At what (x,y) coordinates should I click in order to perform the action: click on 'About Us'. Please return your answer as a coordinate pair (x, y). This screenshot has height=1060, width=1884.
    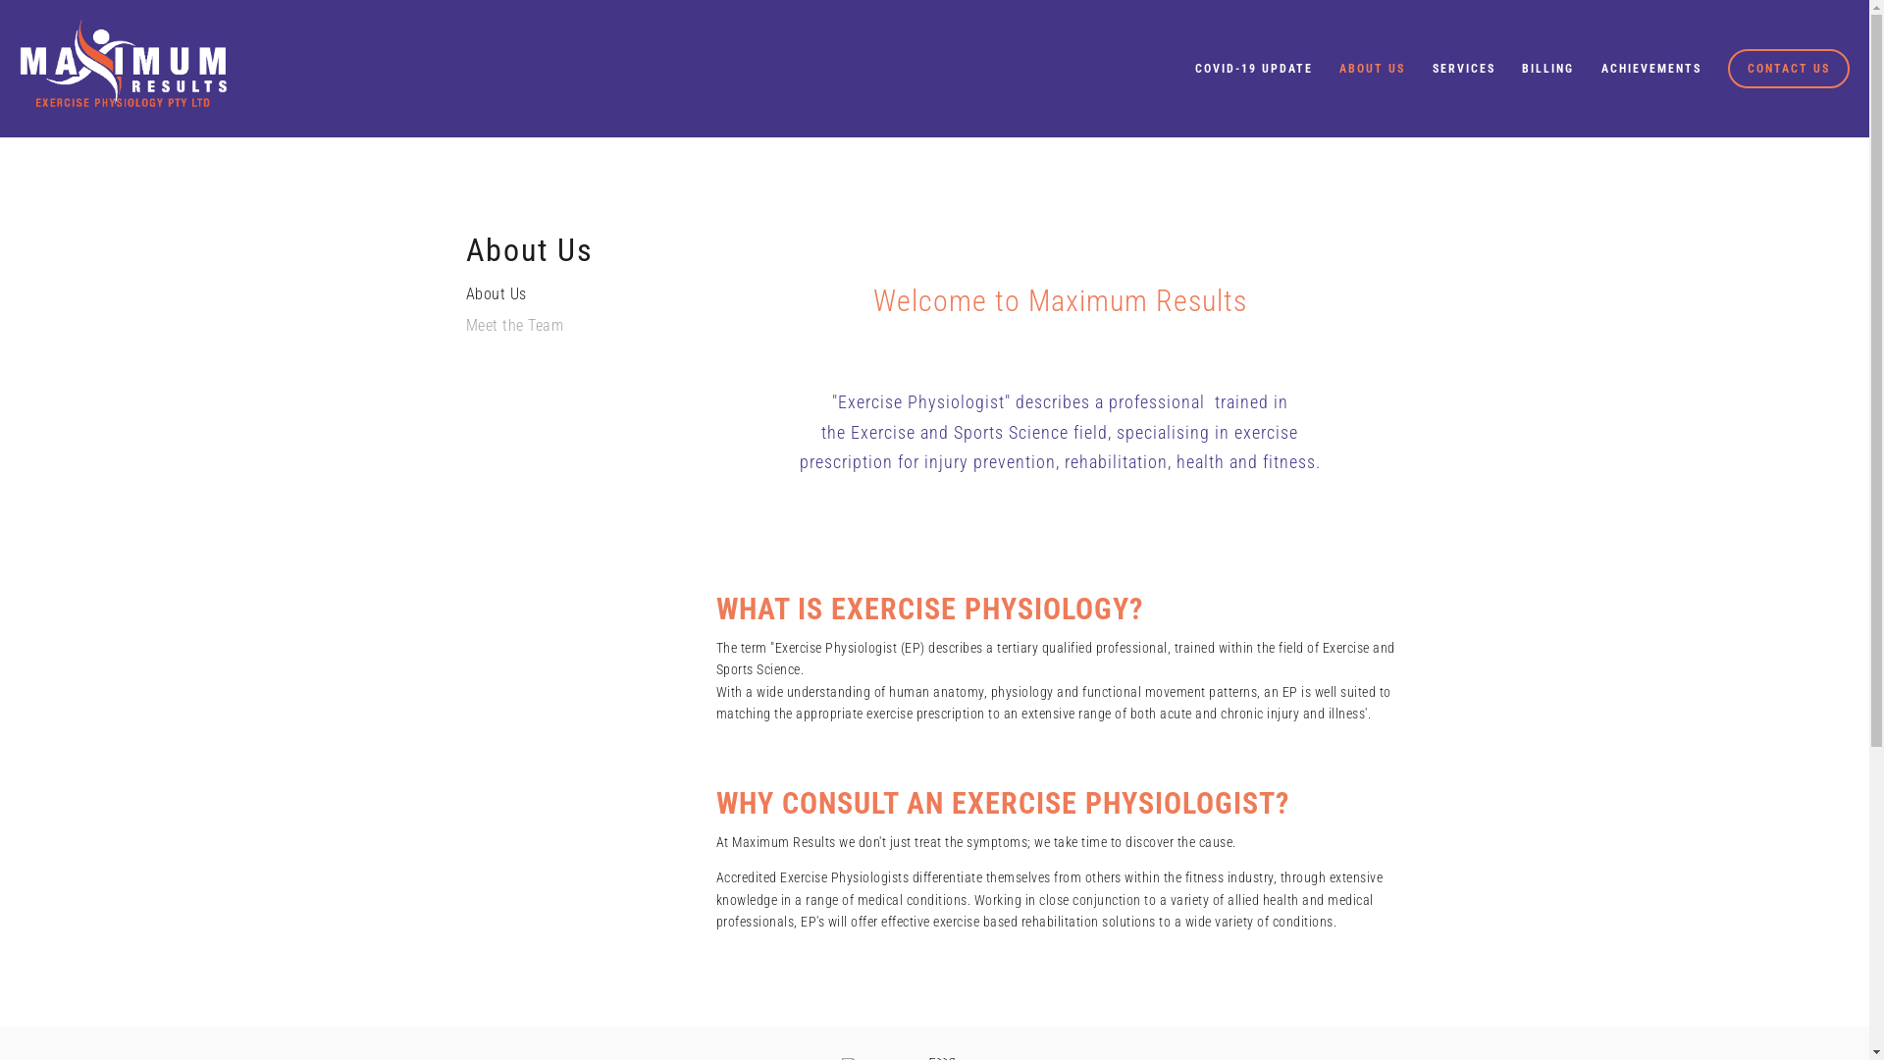
    Looking at the image, I should click on (557, 299).